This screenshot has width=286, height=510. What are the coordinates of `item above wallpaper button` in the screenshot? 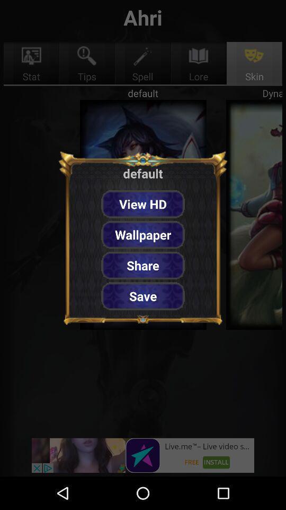 It's located at (143, 203).